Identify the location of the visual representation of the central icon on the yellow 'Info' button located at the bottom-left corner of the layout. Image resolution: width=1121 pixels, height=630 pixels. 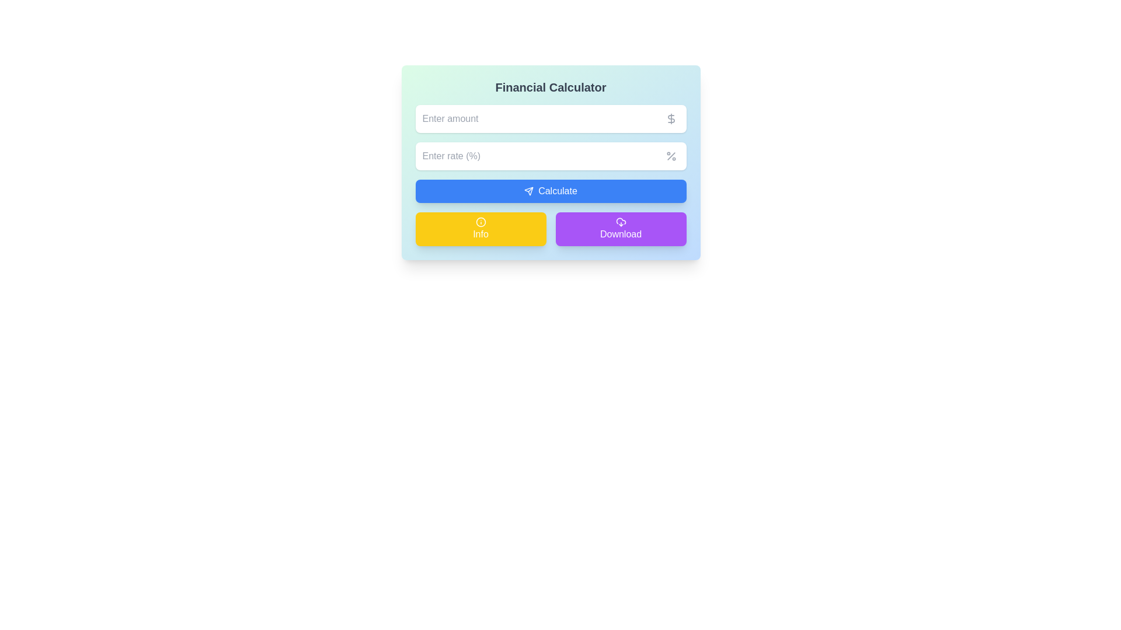
(481, 222).